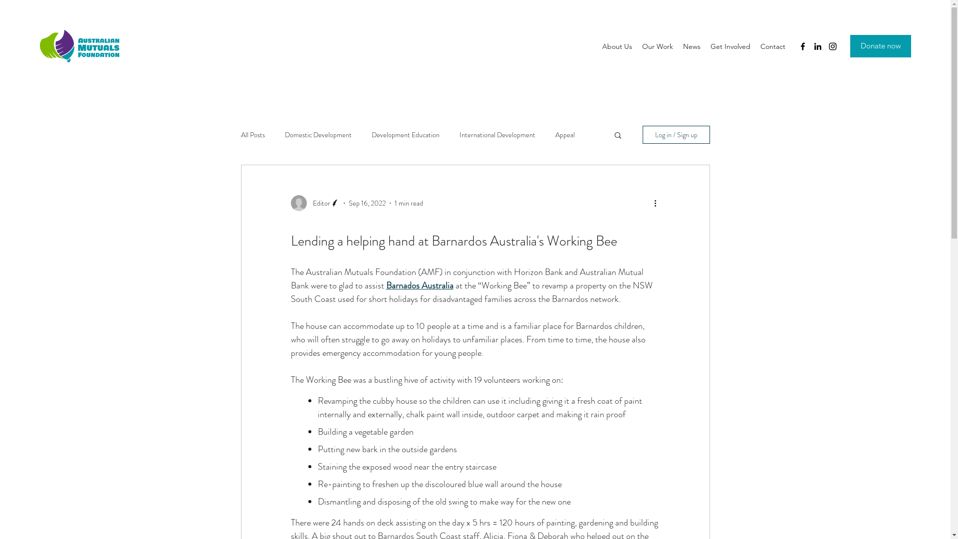 This screenshot has width=958, height=539. I want to click on 'Our Work', so click(658, 46).